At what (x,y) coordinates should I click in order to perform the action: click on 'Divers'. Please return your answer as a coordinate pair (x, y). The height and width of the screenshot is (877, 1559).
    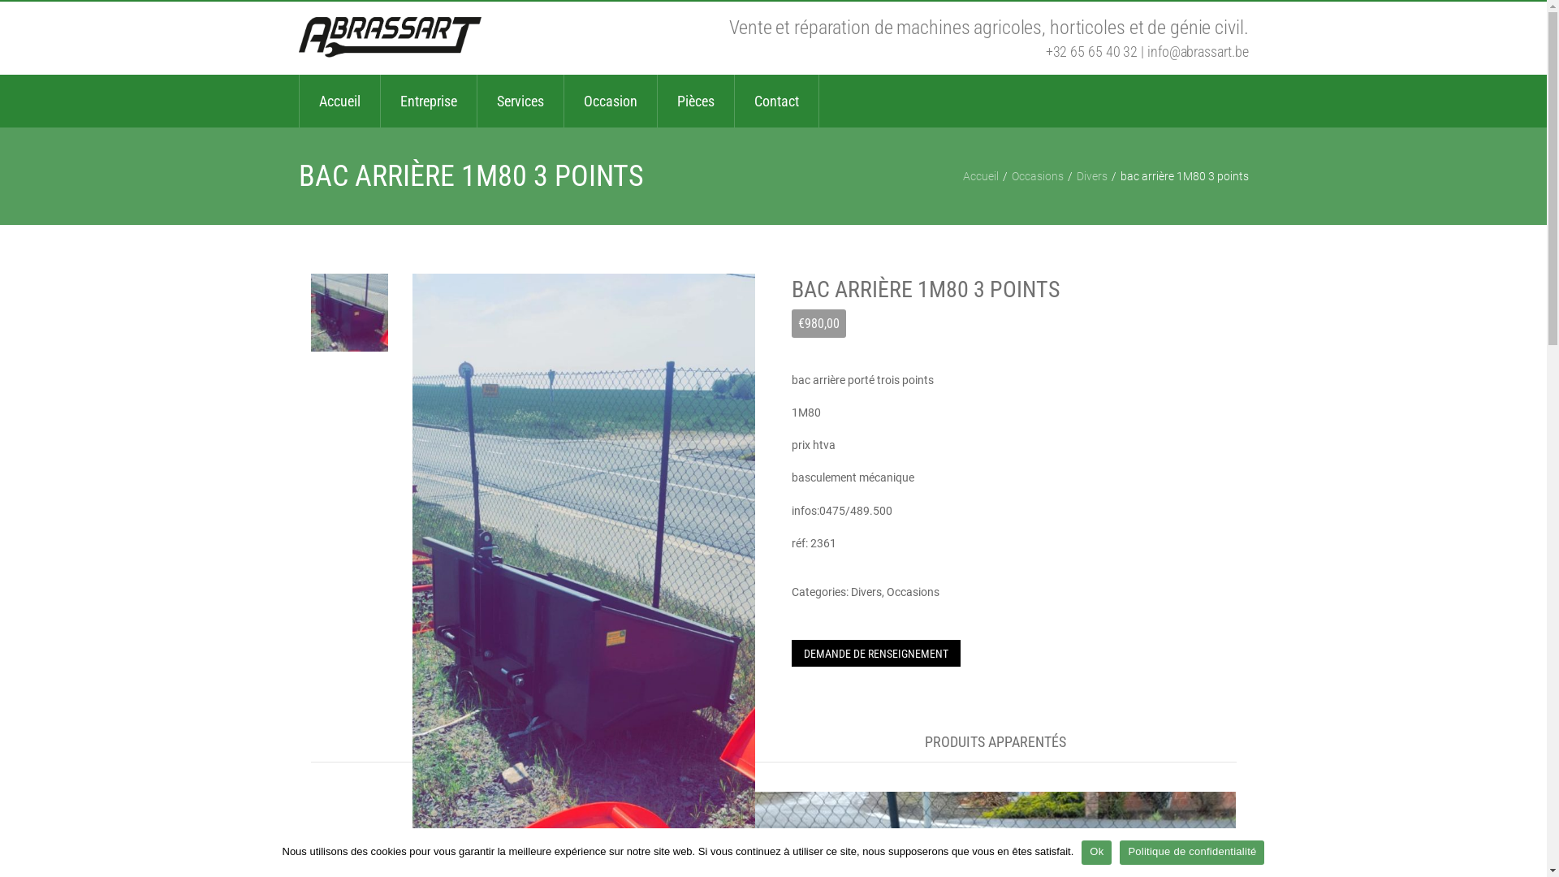
    Looking at the image, I should click on (865, 592).